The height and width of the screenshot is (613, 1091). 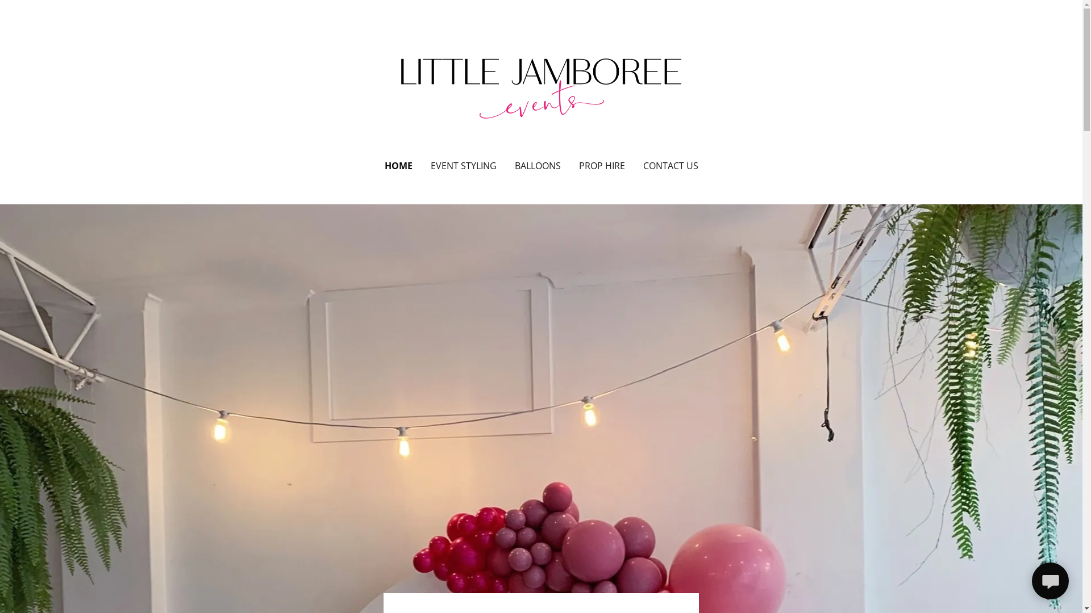 I want to click on 'CONTACT US', so click(x=671, y=166).